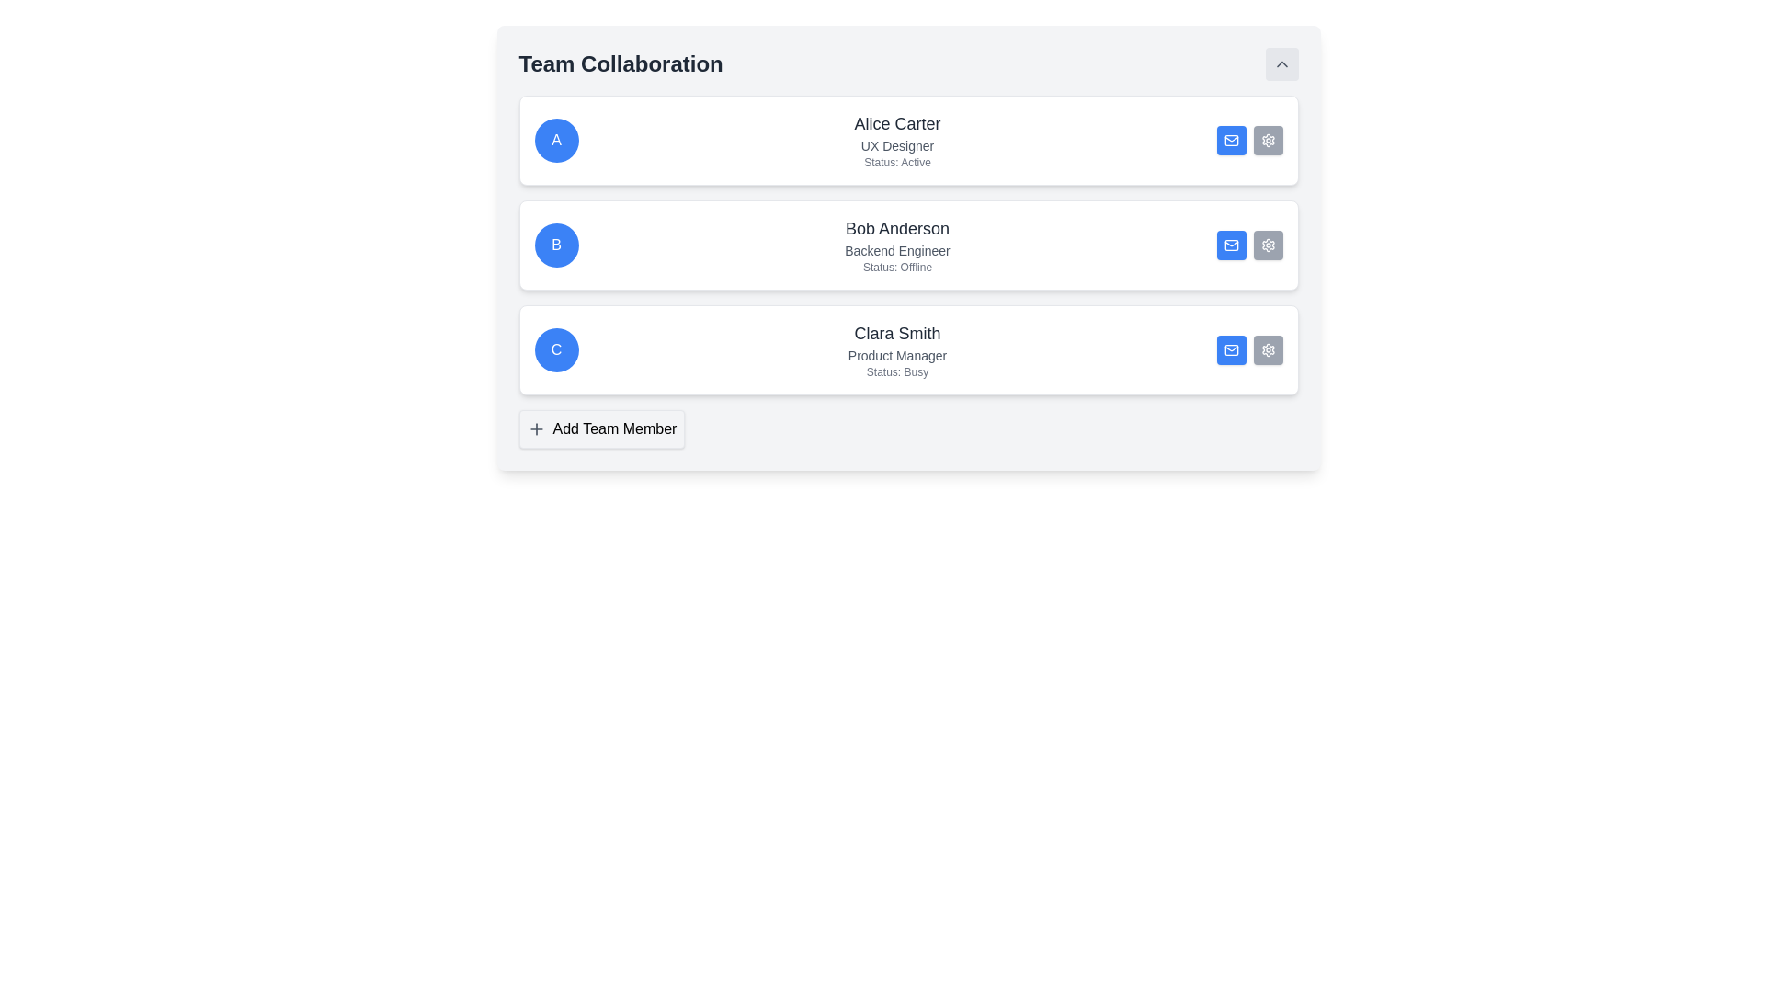 The height and width of the screenshot is (993, 1765). I want to click on the small settings icon styled as a gear, located on the right side of the 'Clara Smith' user entry, so click(1267, 350).